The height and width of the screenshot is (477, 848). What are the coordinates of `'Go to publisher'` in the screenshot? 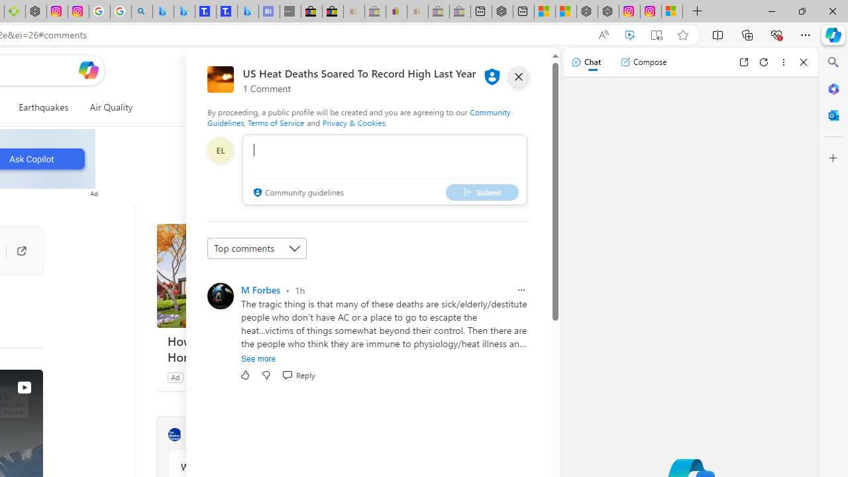 It's located at (15, 251).